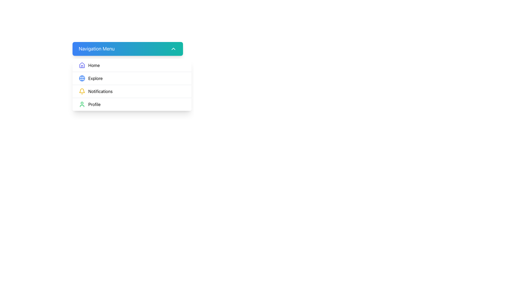 The height and width of the screenshot is (287, 510). I want to click on the third navigation item in the menu, so click(132, 91).